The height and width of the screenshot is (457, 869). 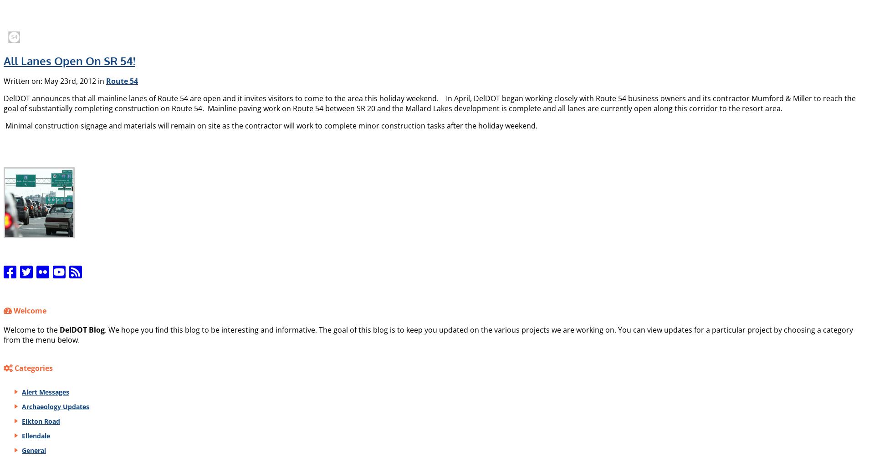 What do you see at coordinates (82, 329) in the screenshot?
I see `'DelDOT Blog'` at bounding box center [82, 329].